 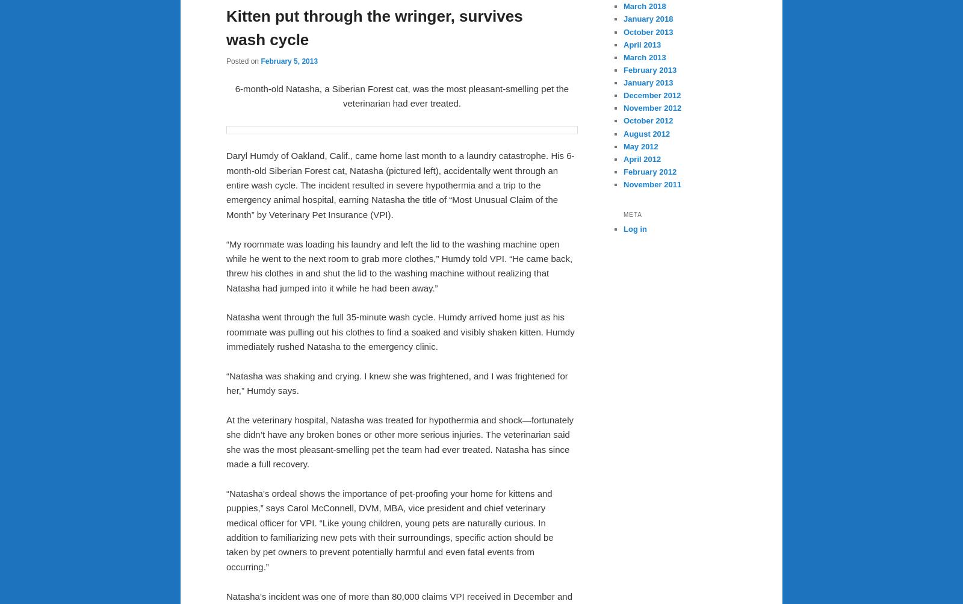 What do you see at coordinates (400, 441) in the screenshot?
I see `'At the veterinary hospital, Natasha was treated for hypothermia and shock—fortunately she didn’t have any broken bones or other more serious injuries. The veterinarian said she was the most pleasant-smelling pet the team had ever treated. Natasha has since made a full recovery.'` at bounding box center [400, 441].